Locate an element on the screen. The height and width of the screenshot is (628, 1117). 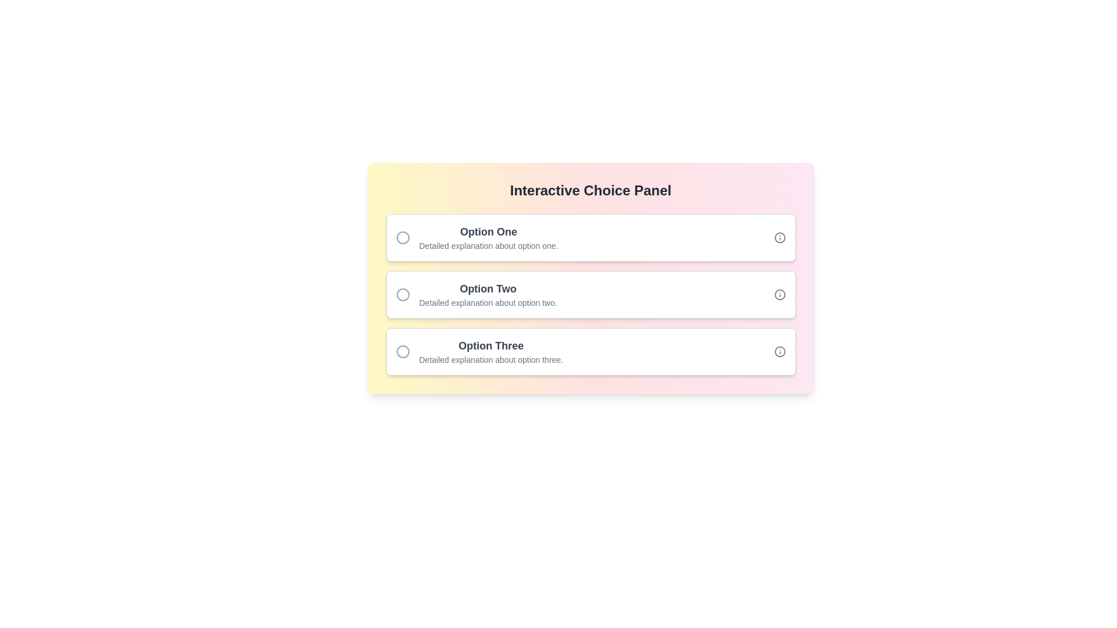
the radio button for 'Option One' is located at coordinates (403, 237).